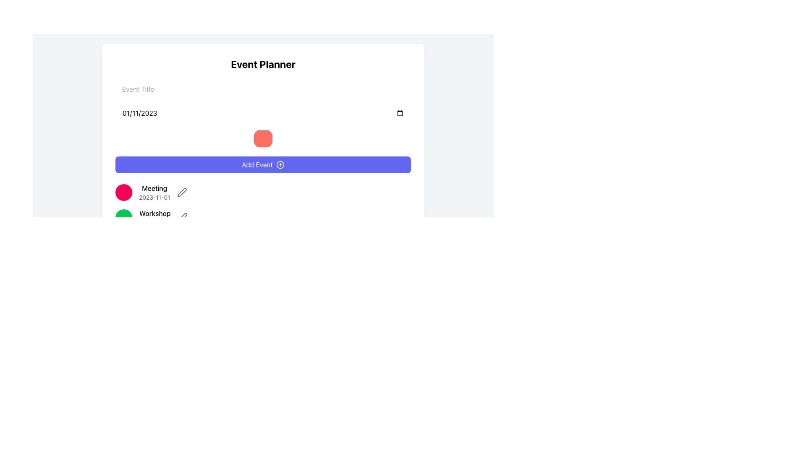  I want to click on the 'Add Event' text label, which is styled with a white font on a purple background and is the textual content of a button at the center of the interface, so click(257, 165).